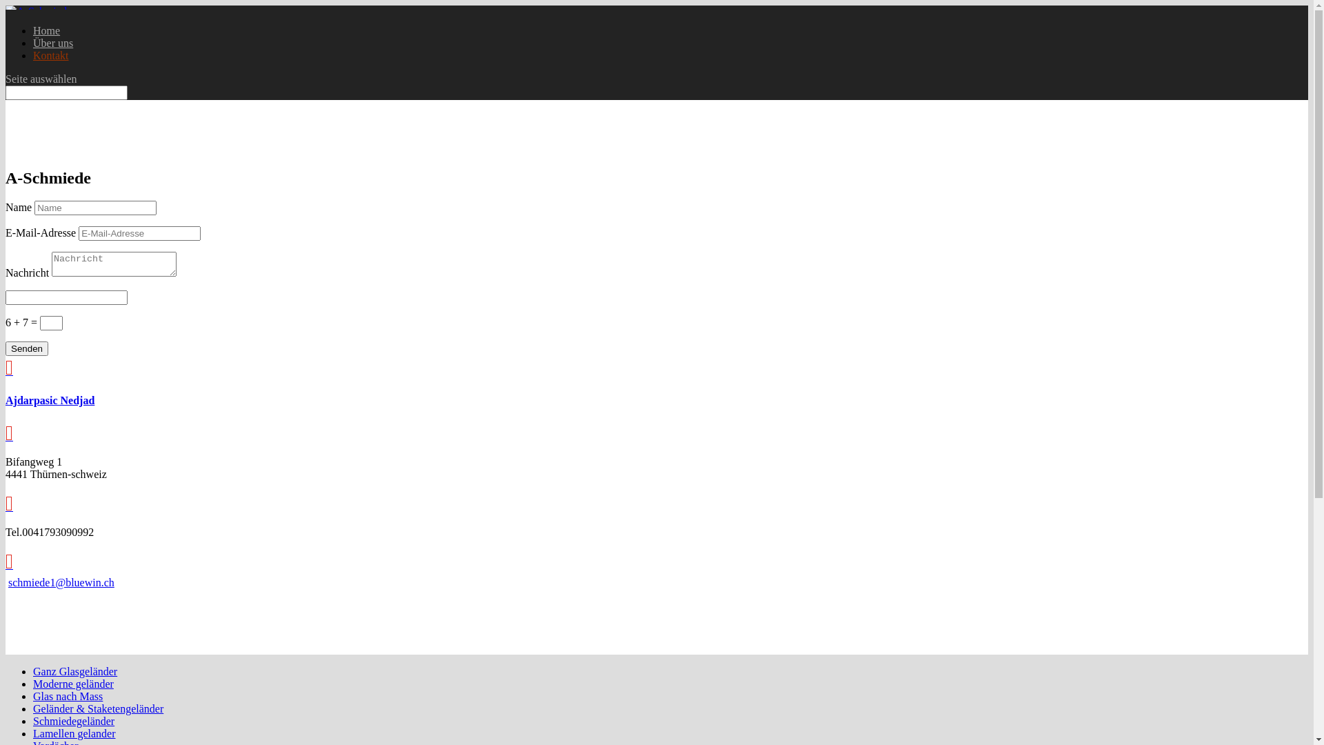 Image resolution: width=1324 pixels, height=745 pixels. I want to click on 'Home', so click(46, 30).